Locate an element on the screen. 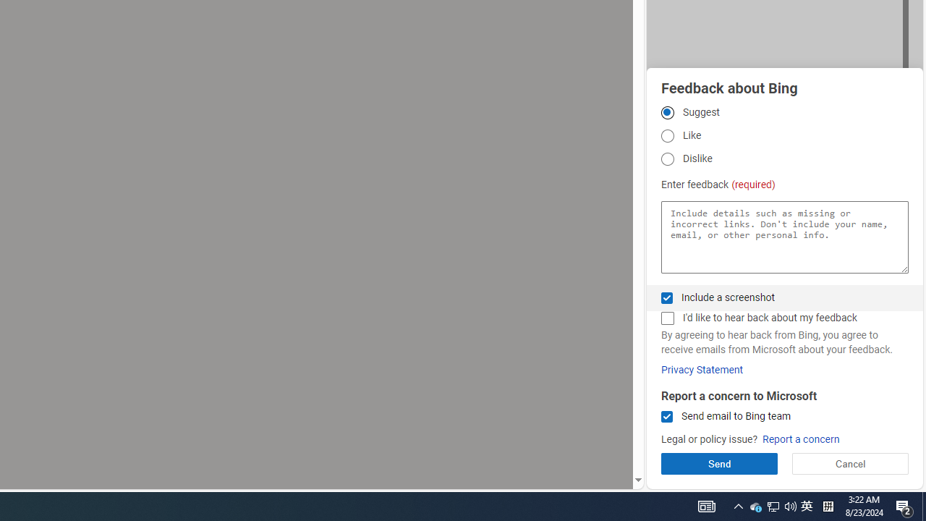 This screenshot has width=926, height=521. 'Send email to Bing team' is located at coordinates (666, 417).